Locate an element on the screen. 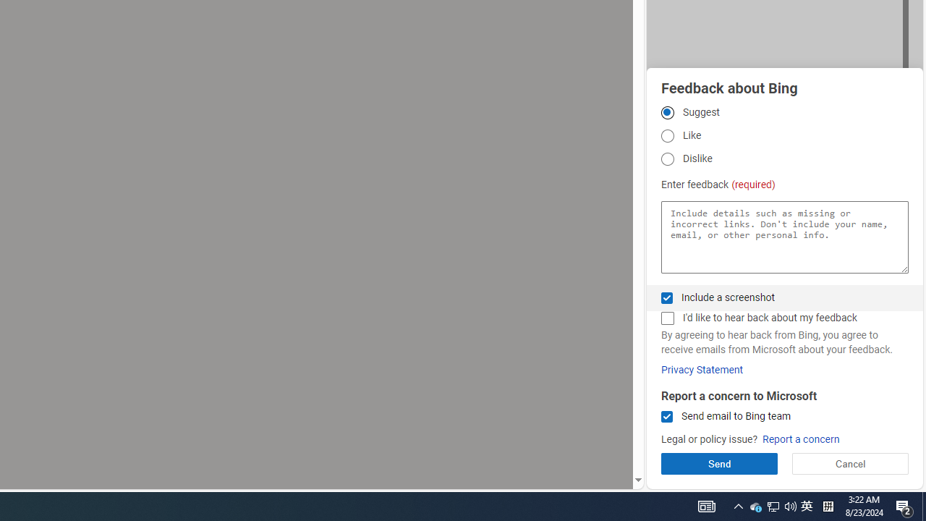 This screenshot has width=926, height=521. 'Send email to Bing team' is located at coordinates (666, 417).